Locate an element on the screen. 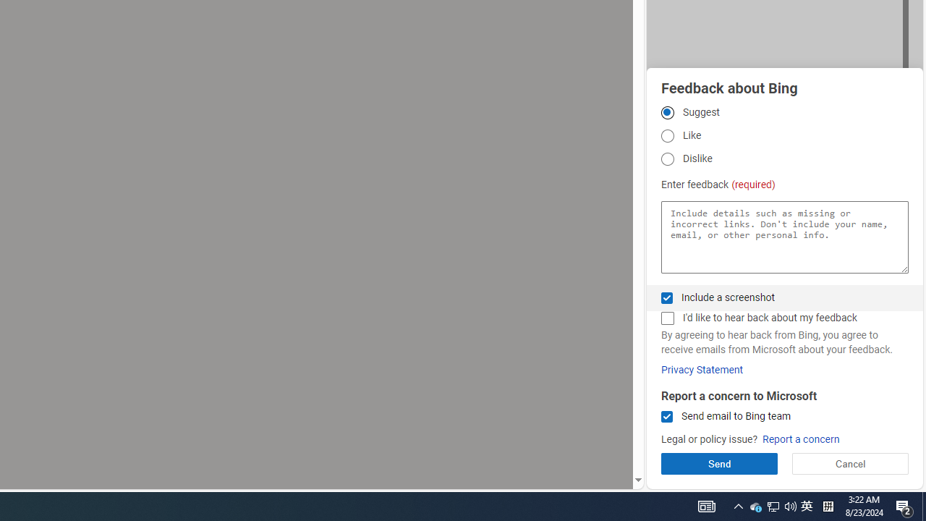 This screenshot has width=926, height=521. 'Send email to Bing team' is located at coordinates (666, 417).